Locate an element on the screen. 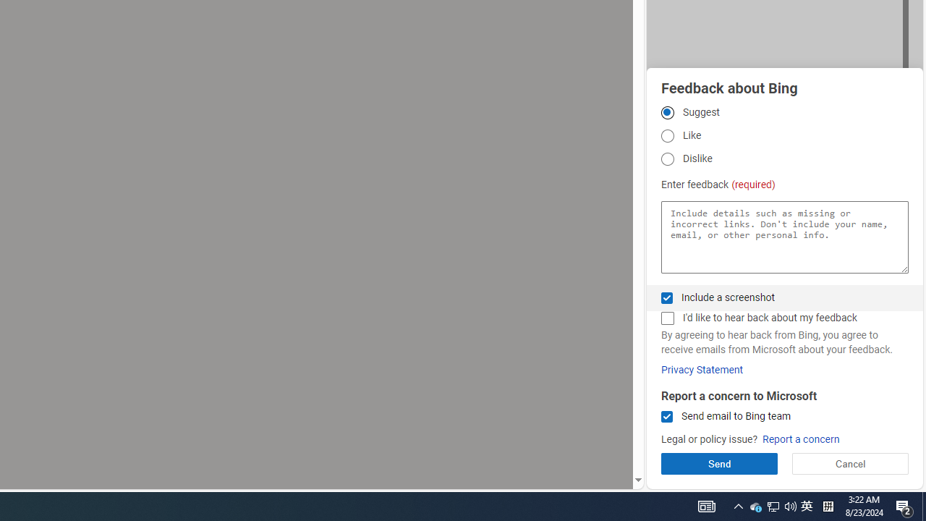 This screenshot has width=926, height=521. 'Send email to Bing team' is located at coordinates (666, 417).